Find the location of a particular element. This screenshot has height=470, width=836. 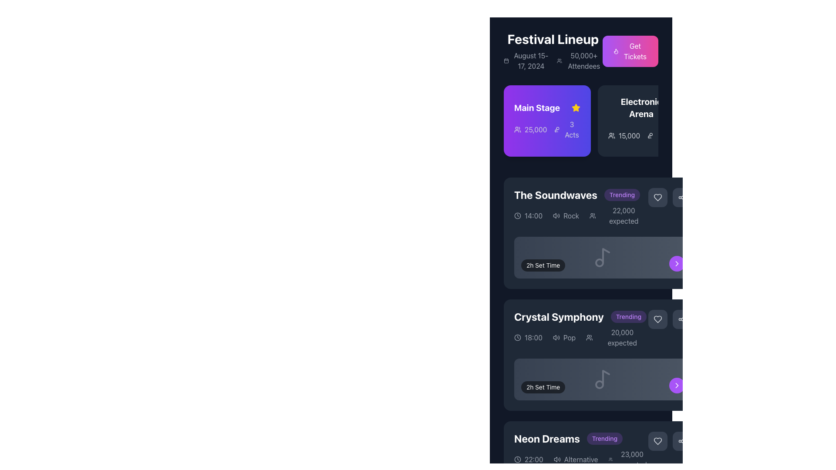

details for the Informational Section containing the clock icon, pop music icon, and user icon with associated text '18:00', 'Pop', and '20,000 expected', which is located below the 'Crystal Symphony' header is located at coordinates (581, 337).